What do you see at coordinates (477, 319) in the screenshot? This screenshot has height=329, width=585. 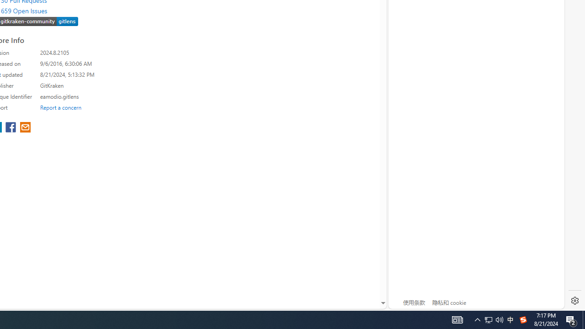 I see `'Notification Chevron'` at bounding box center [477, 319].